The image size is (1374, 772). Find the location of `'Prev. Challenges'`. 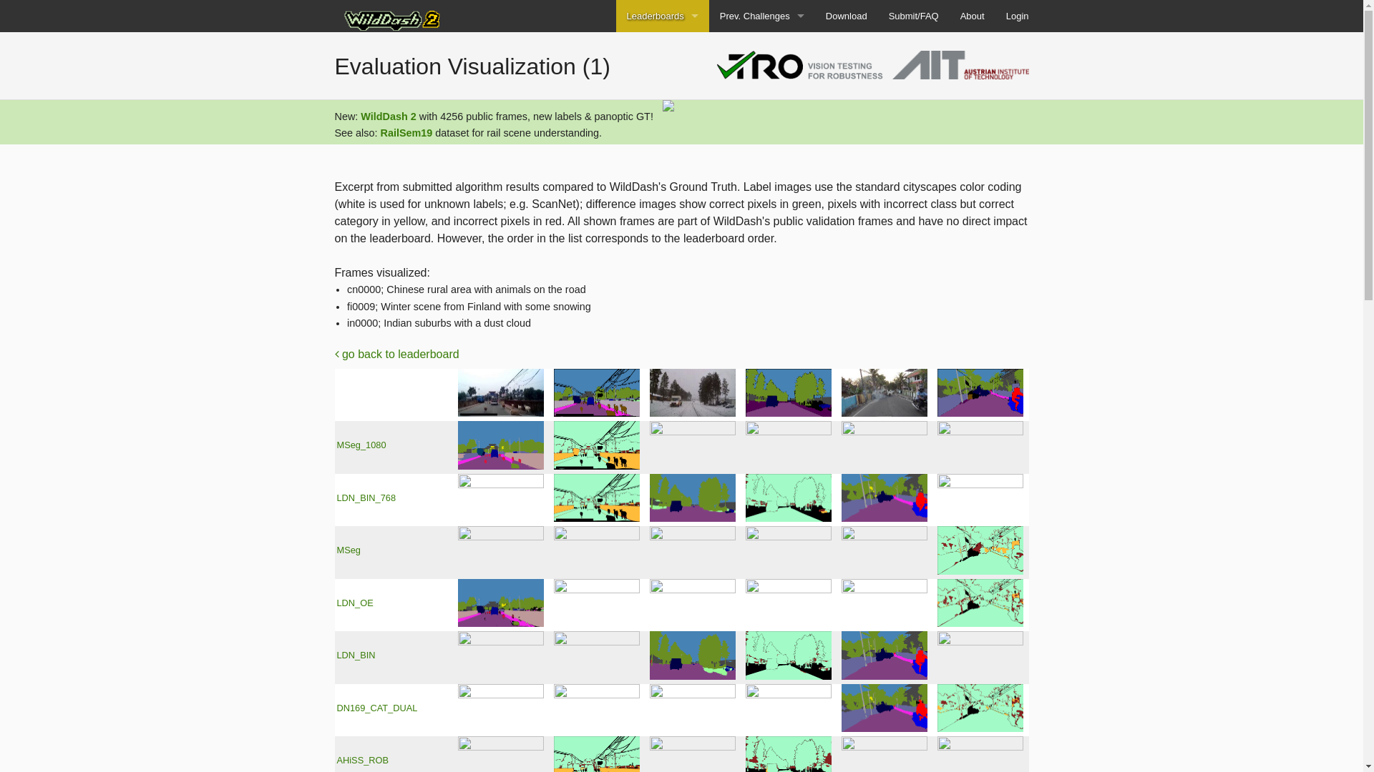

'Prev. Challenges' is located at coordinates (761, 16).